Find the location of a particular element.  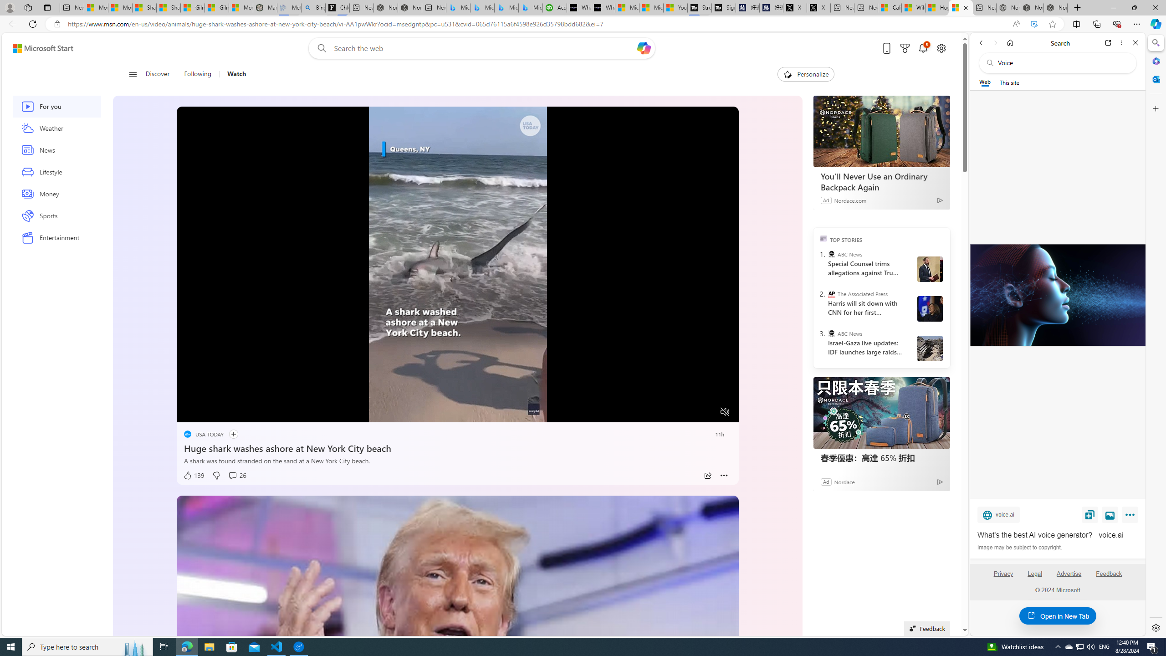

'Advertise' is located at coordinates (1069, 577).